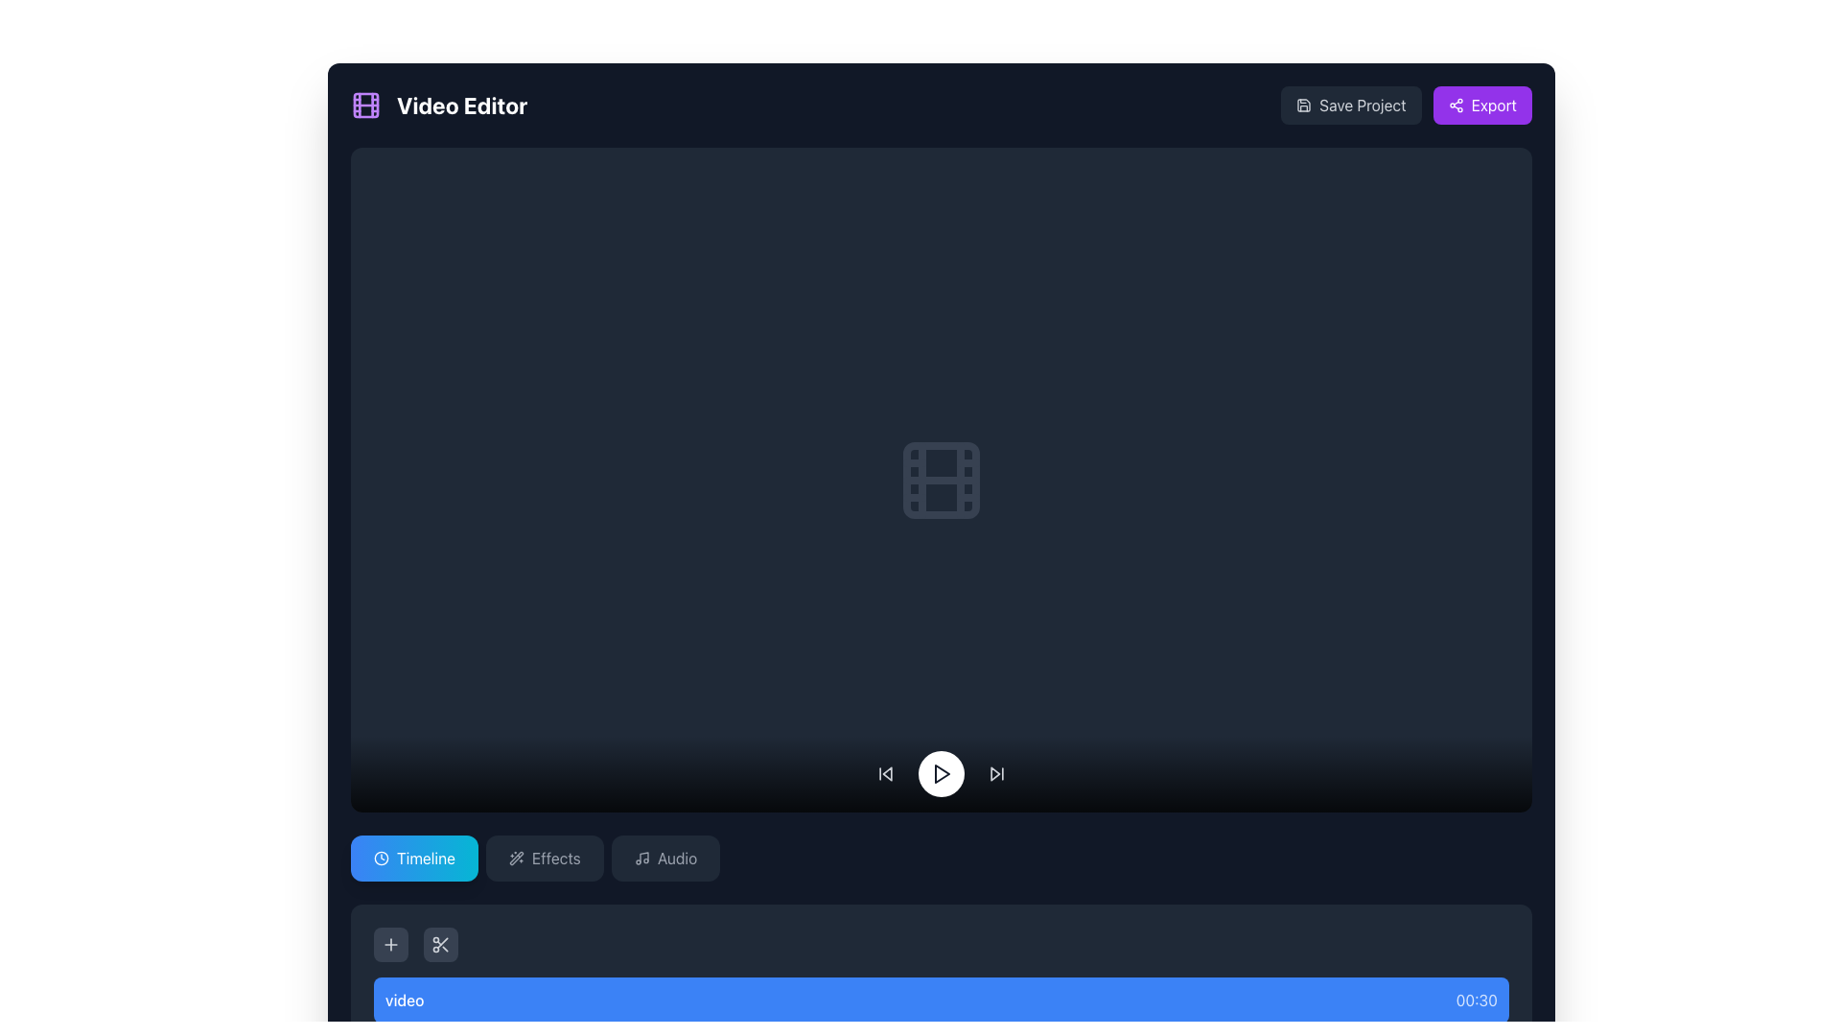 This screenshot has height=1036, width=1841. What do you see at coordinates (544, 857) in the screenshot?
I see `the 'Effects' button, which is a rectangular button with rounded corners and a dark gray background, positioned below the main content area between 'Timeline' and 'Audio'` at bounding box center [544, 857].